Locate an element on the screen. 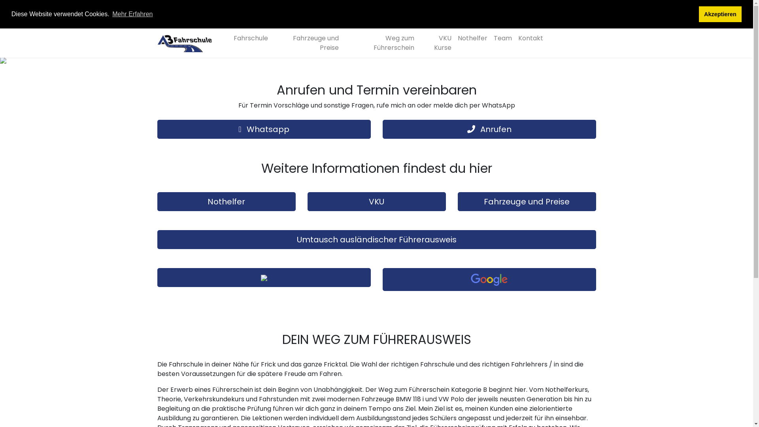 This screenshot has width=759, height=427. 'Mehr Erfahren' is located at coordinates (132, 14).